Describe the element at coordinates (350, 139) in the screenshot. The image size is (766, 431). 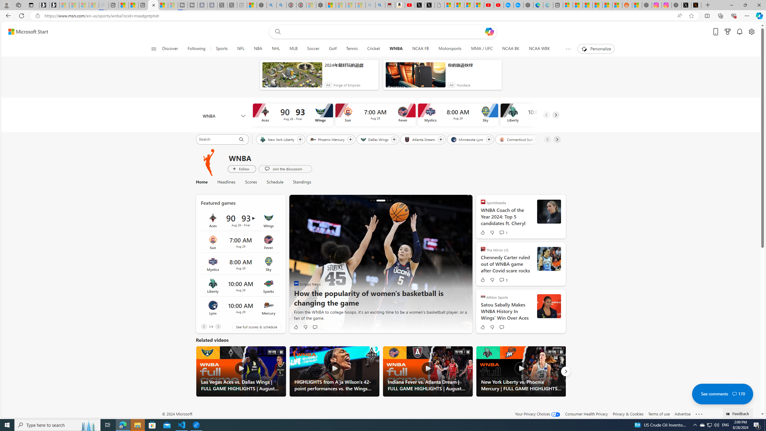
I see `'Follow Phoenix Mercury'` at that location.